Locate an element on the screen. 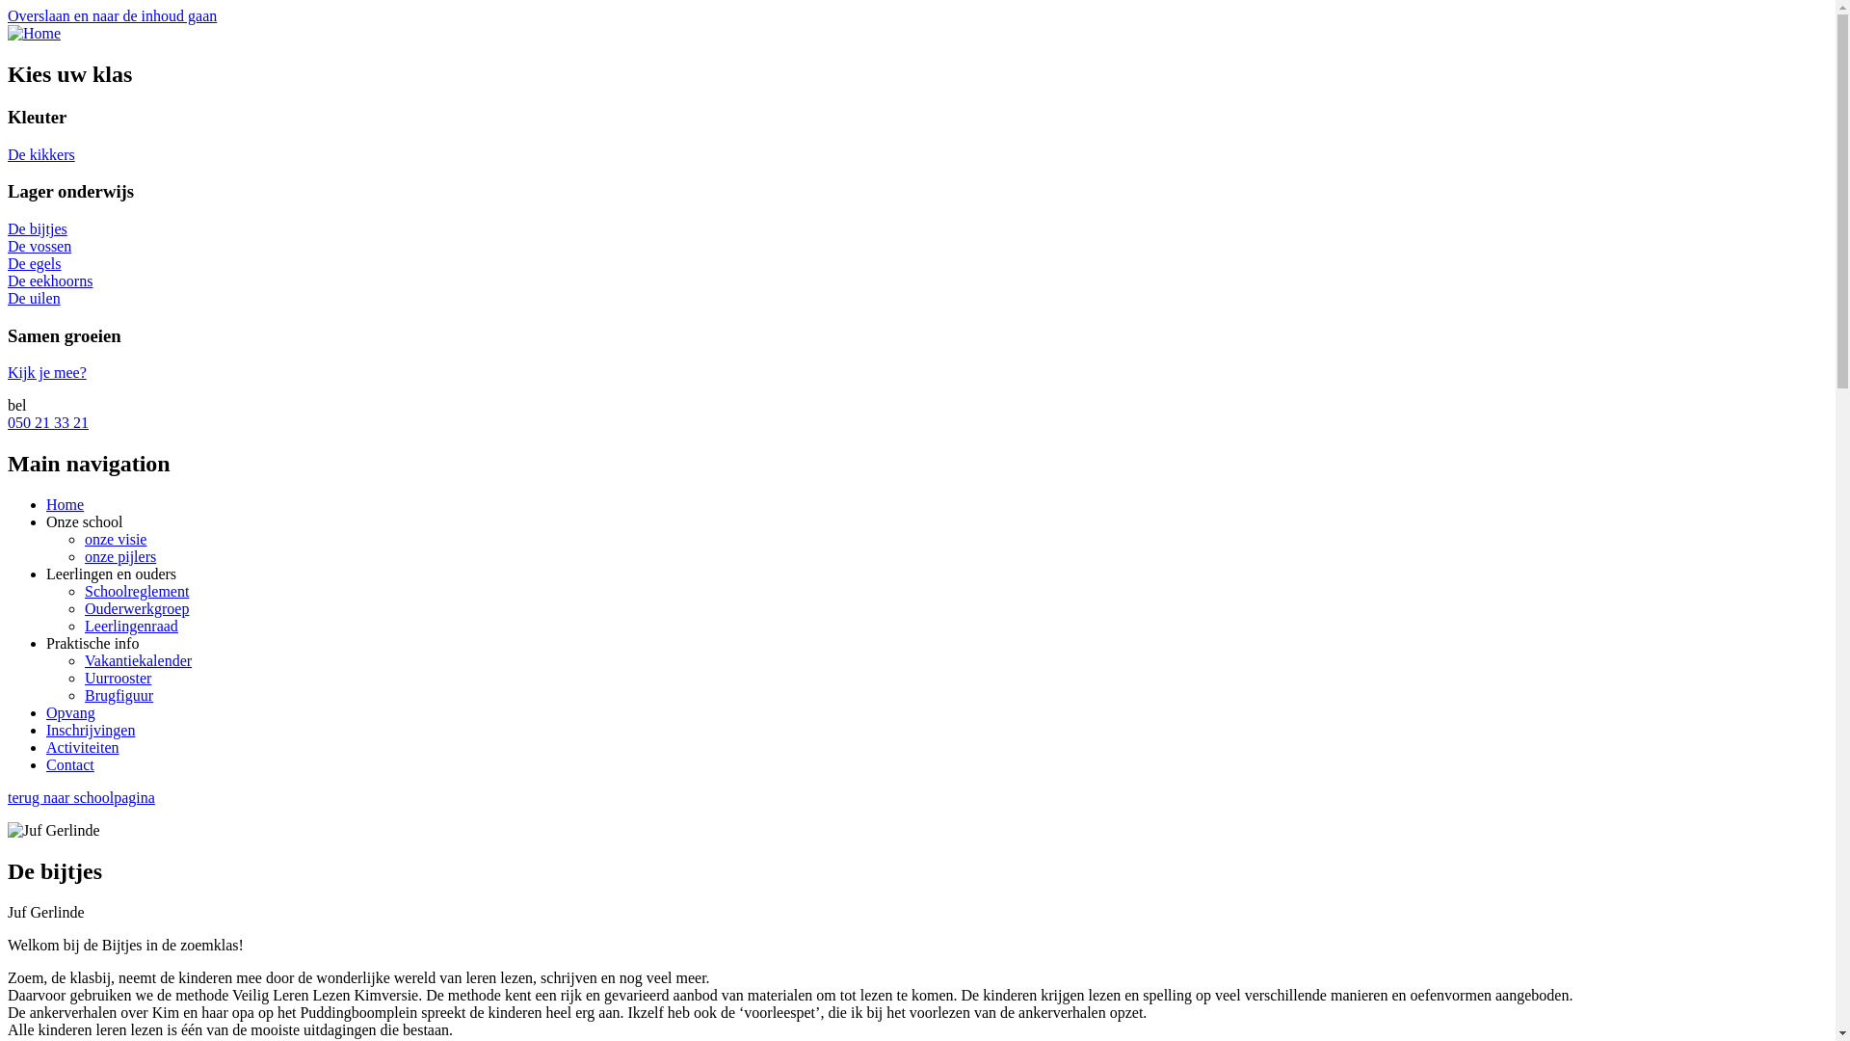 The image size is (1850, 1041). 'De uilen' is located at coordinates (34, 298).